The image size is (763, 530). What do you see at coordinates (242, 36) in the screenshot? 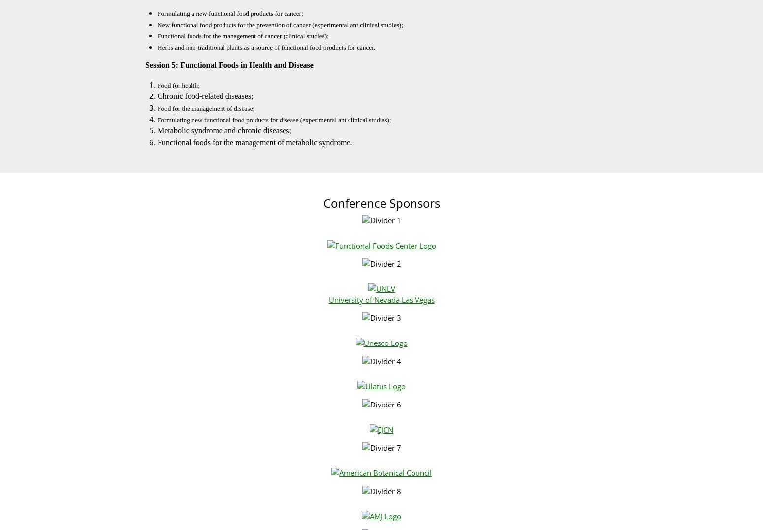
I see `'Functional foods for the management of cancer (clinical studies);'` at bounding box center [242, 36].